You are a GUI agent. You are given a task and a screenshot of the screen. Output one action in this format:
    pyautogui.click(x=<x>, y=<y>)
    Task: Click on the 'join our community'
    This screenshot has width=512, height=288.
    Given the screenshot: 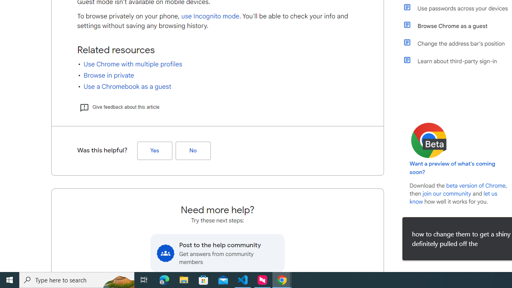 What is the action you would take?
    pyautogui.click(x=446, y=194)
    